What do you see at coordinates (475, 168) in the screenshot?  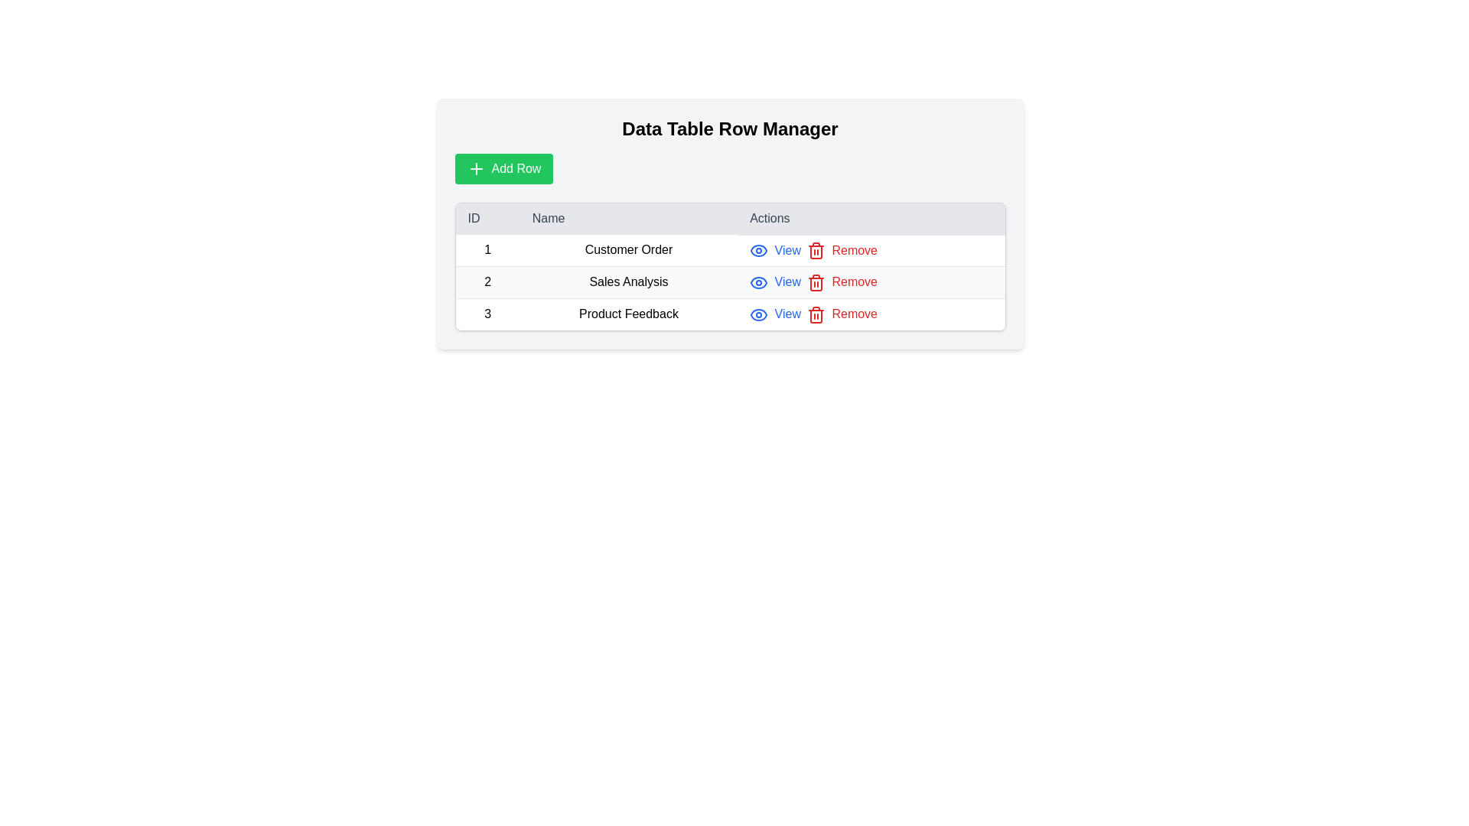 I see `the 'Add Row' icon located to the left of the 'Add Row' text on the green rectangular button to interact with it` at bounding box center [475, 168].